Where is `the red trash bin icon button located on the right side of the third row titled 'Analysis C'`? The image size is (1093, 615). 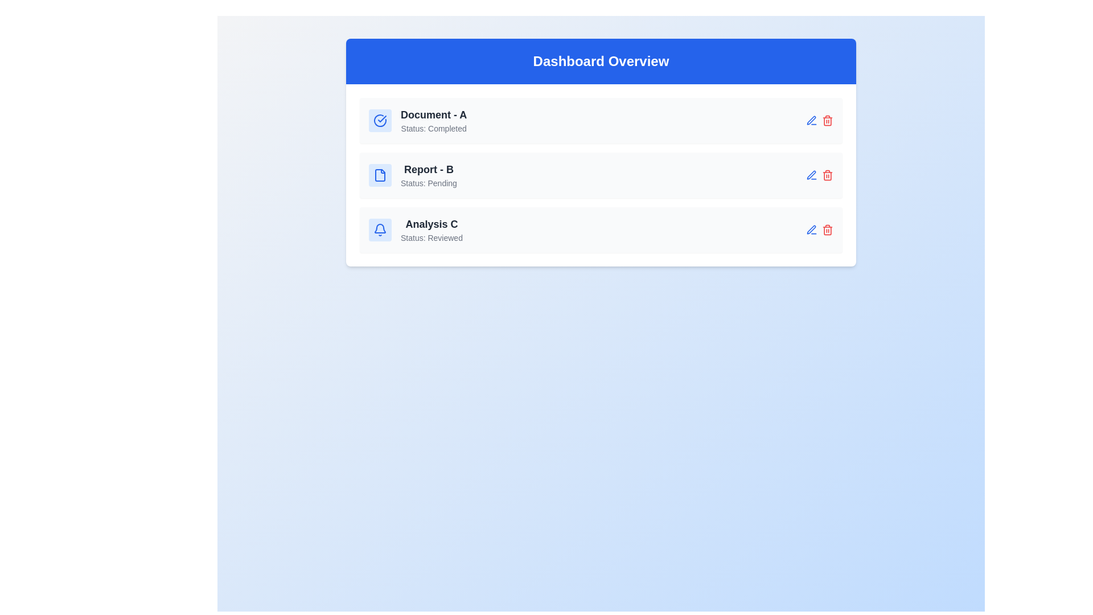
the red trash bin icon button located on the right side of the third row titled 'Analysis C' is located at coordinates (828, 175).